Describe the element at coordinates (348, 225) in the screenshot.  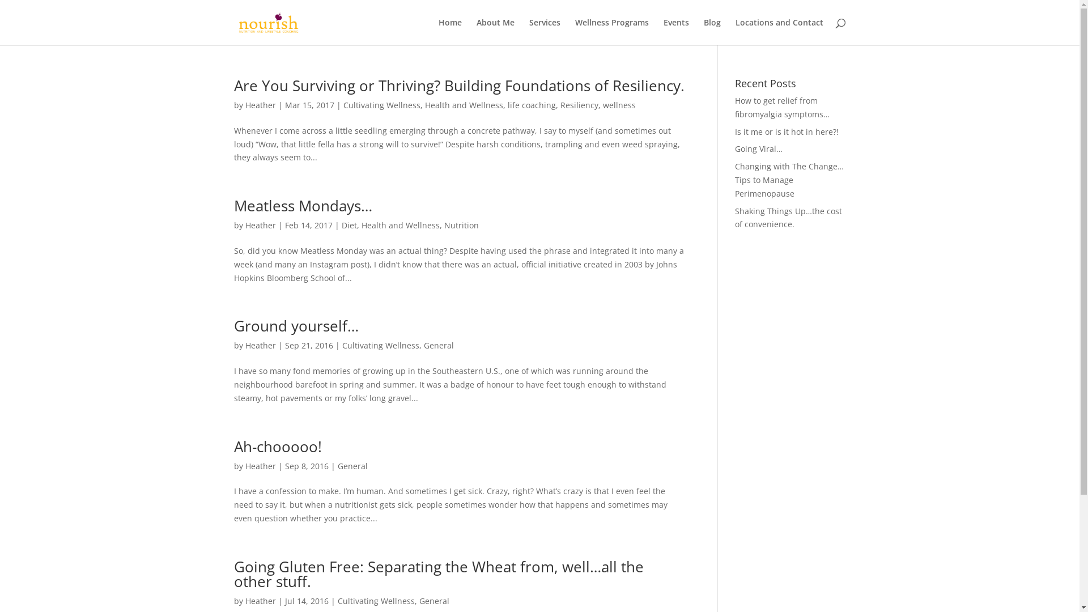
I see `'Diet'` at that location.